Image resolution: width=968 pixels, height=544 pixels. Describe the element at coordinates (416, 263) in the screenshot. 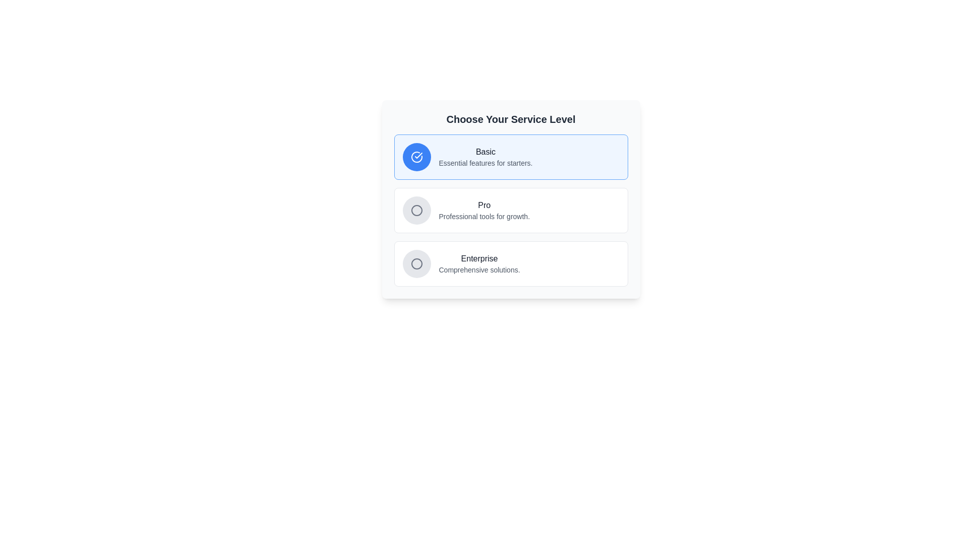

I see `the circular radio button associated with the 'Enterprise' option` at that location.